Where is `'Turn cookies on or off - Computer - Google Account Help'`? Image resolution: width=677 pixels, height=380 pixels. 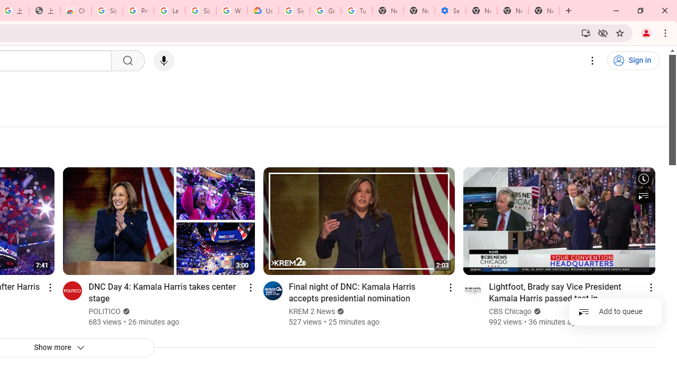 'Turn cookies on or off - Computer - Google Account Help' is located at coordinates (356, 11).